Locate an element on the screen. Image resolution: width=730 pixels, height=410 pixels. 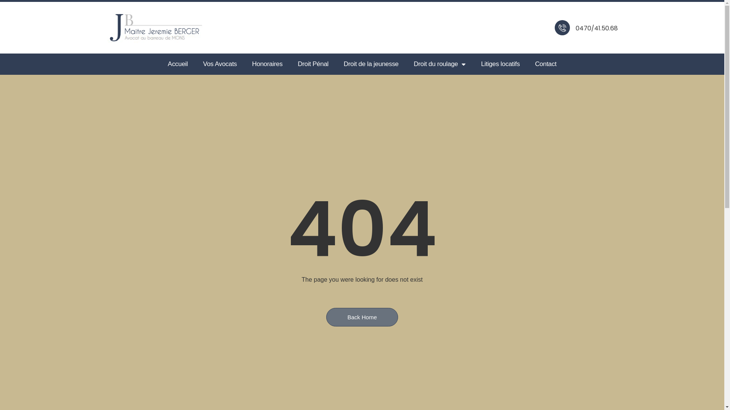
'Accueil' is located at coordinates (177, 64).